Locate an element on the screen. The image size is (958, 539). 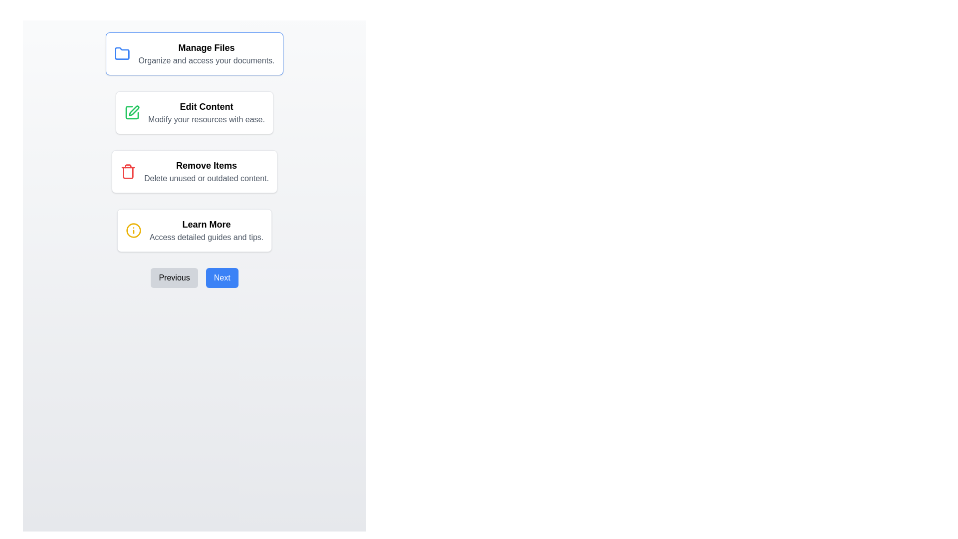
the Informational Card displaying an icon of a folder on the left, with the title 'Manage Files' in bold black and description 'Organize and access your documents.' in gray is located at coordinates (194, 54).